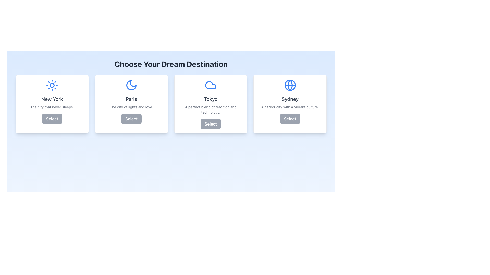 This screenshot has width=490, height=275. I want to click on the stylized blue cloud icon within the 'Tokyo' card, which is the third card from the left in the destination row, so click(211, 85).